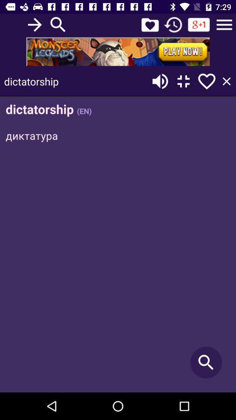 This screenshot has width=236, height=420. I want to click on show favorite list, so click(149, 24).